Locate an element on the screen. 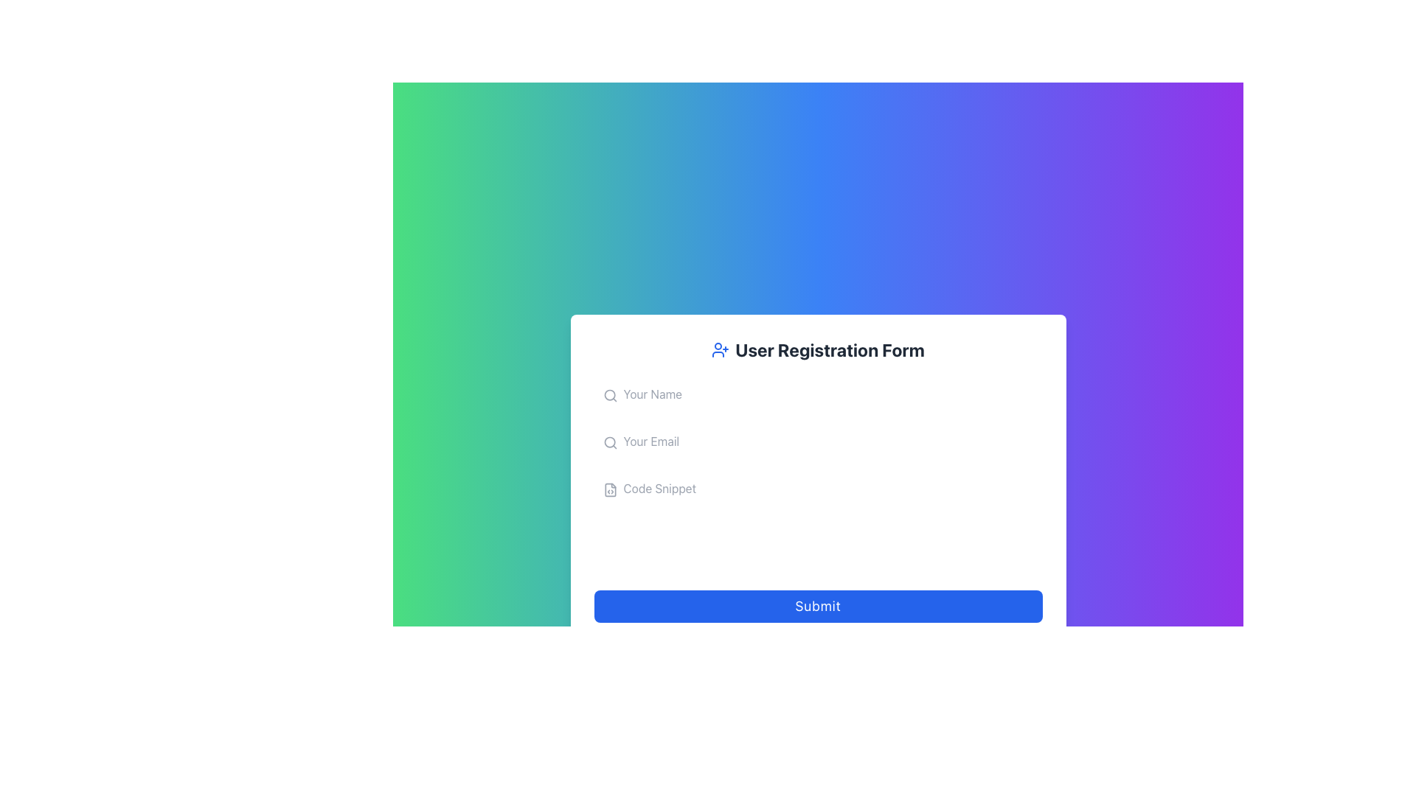  the static text element that serves as the header for the User Registration Form, which is positioned at the top part of the form UI, just below the header section and above the input fields is located at coordinates (817, 349).